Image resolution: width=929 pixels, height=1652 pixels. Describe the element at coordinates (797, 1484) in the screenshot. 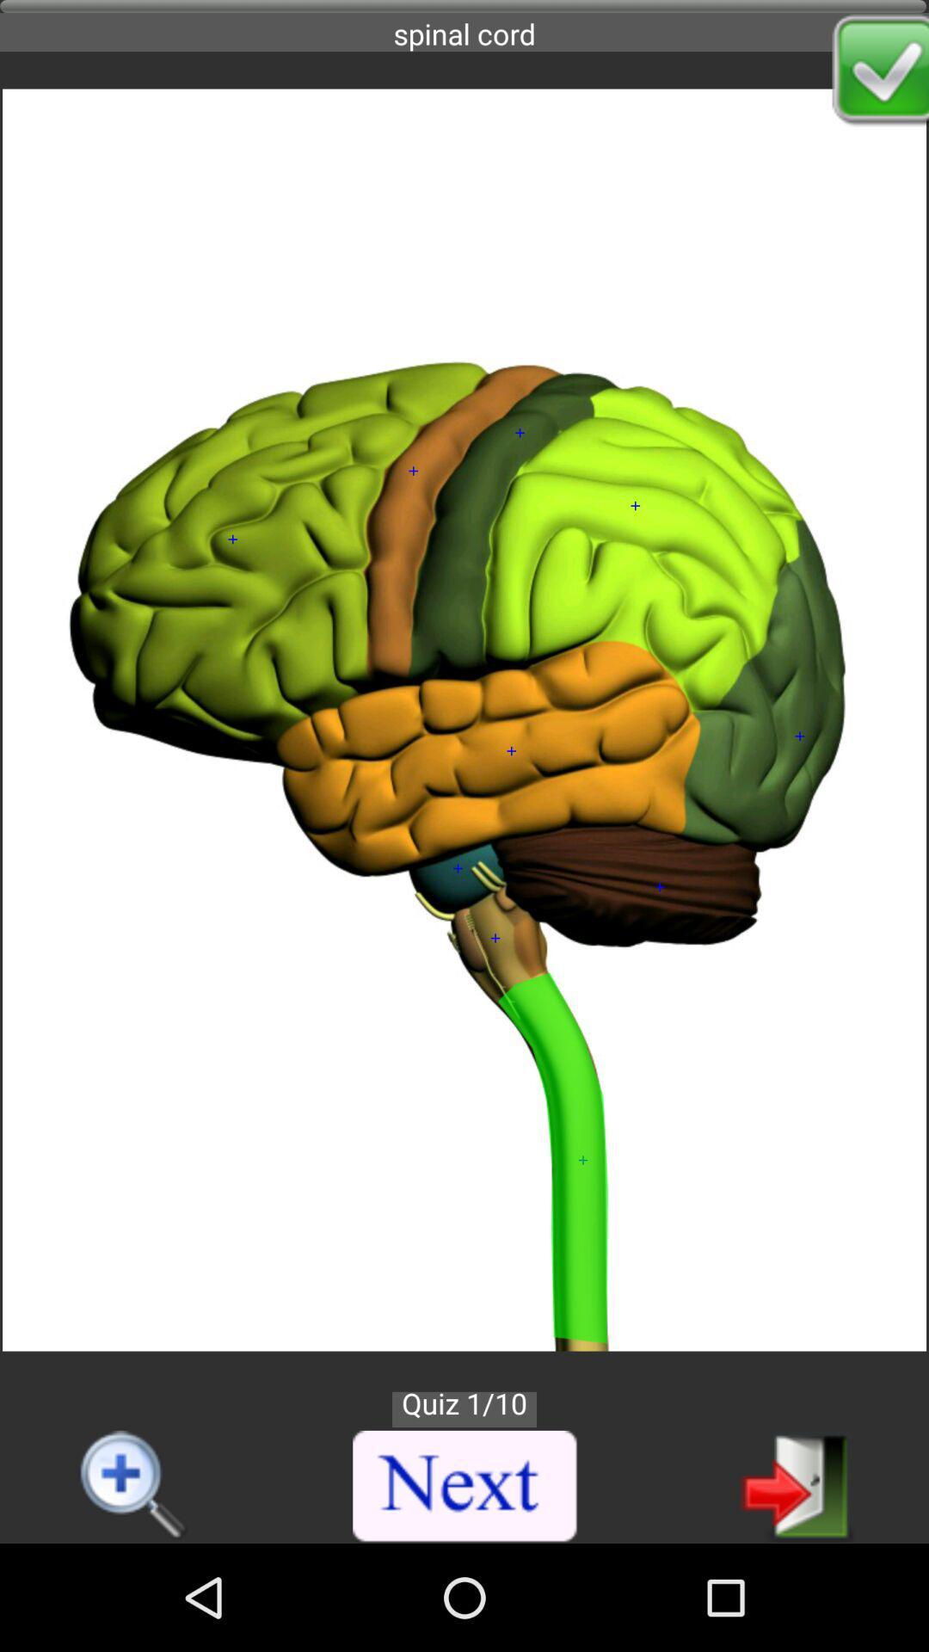

I see `item at the bottom right corner` at that location.